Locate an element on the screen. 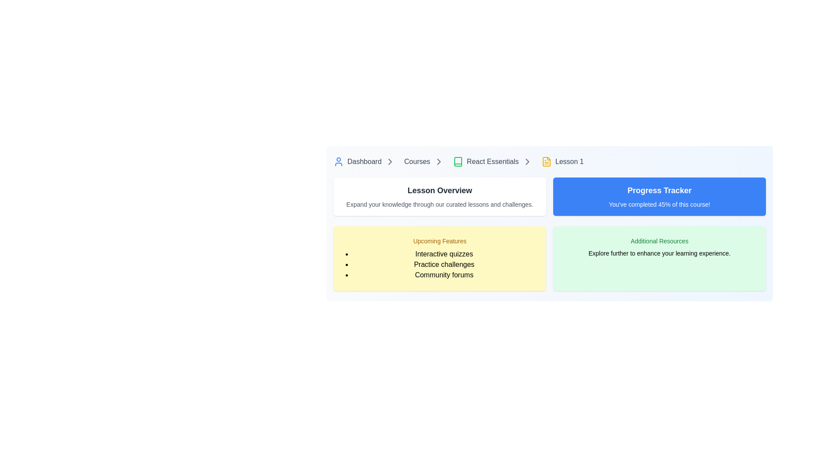 The height and width of the screenshot is (471, 837). text located in the Text block underneath the 'Lesson Overview' title in the left-side panel of the UI layout is located at coordinates (439, 205).